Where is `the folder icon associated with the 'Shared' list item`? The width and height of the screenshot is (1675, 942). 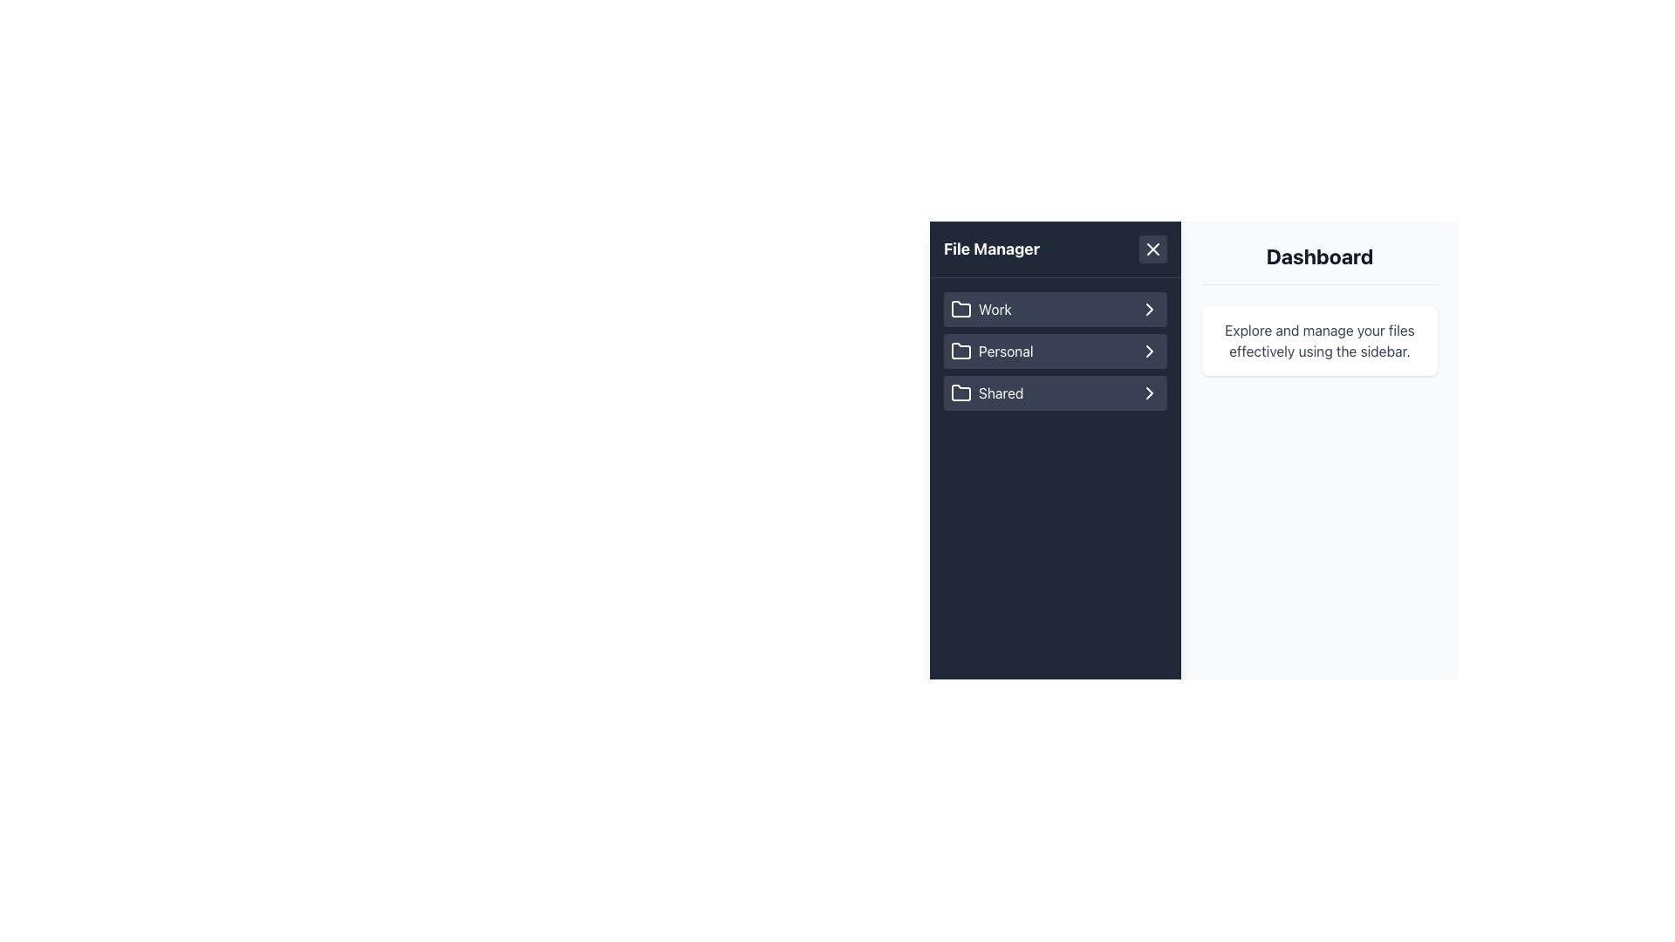 the folder icon associated with the 'Shared' list item is located at coordinates (961, 392).